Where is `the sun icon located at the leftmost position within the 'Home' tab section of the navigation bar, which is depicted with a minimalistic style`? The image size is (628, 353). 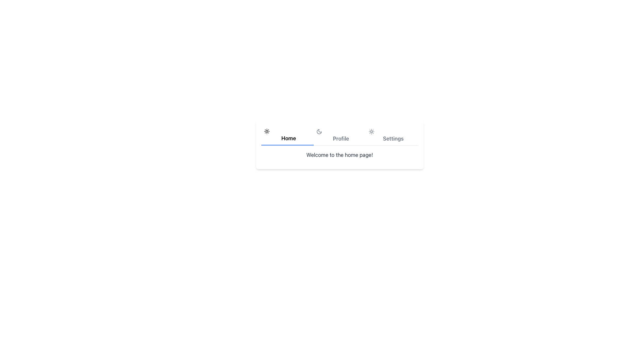
the sun icon located at the leftmost position within the 'Home' tab section of the navigation bar, which is depicted with a minimalistic style is located at coordinates (267, 131).